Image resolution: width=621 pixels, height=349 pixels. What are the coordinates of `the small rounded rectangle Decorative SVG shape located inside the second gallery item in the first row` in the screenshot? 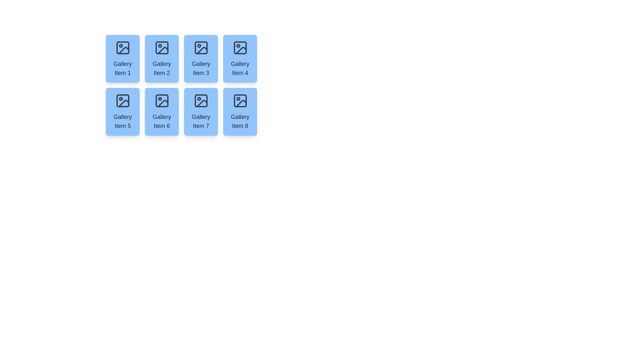 It's located at (162, 47).